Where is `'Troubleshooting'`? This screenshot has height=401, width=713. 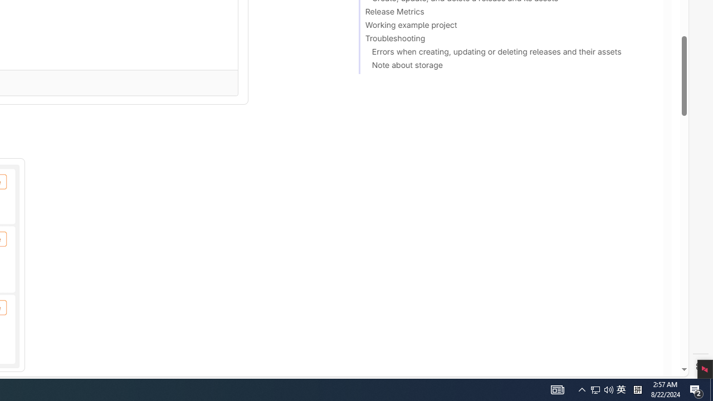
'Troubleshooting' is located at coordinates (505, 40).